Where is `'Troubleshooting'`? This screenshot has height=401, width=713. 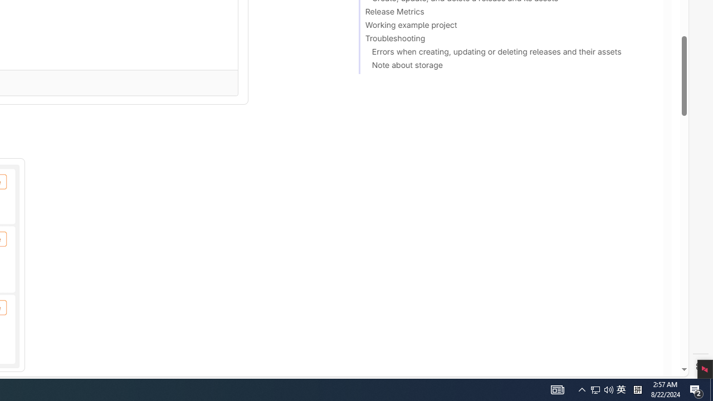
'Troubleshooting' is located at coordinates (505, 40).